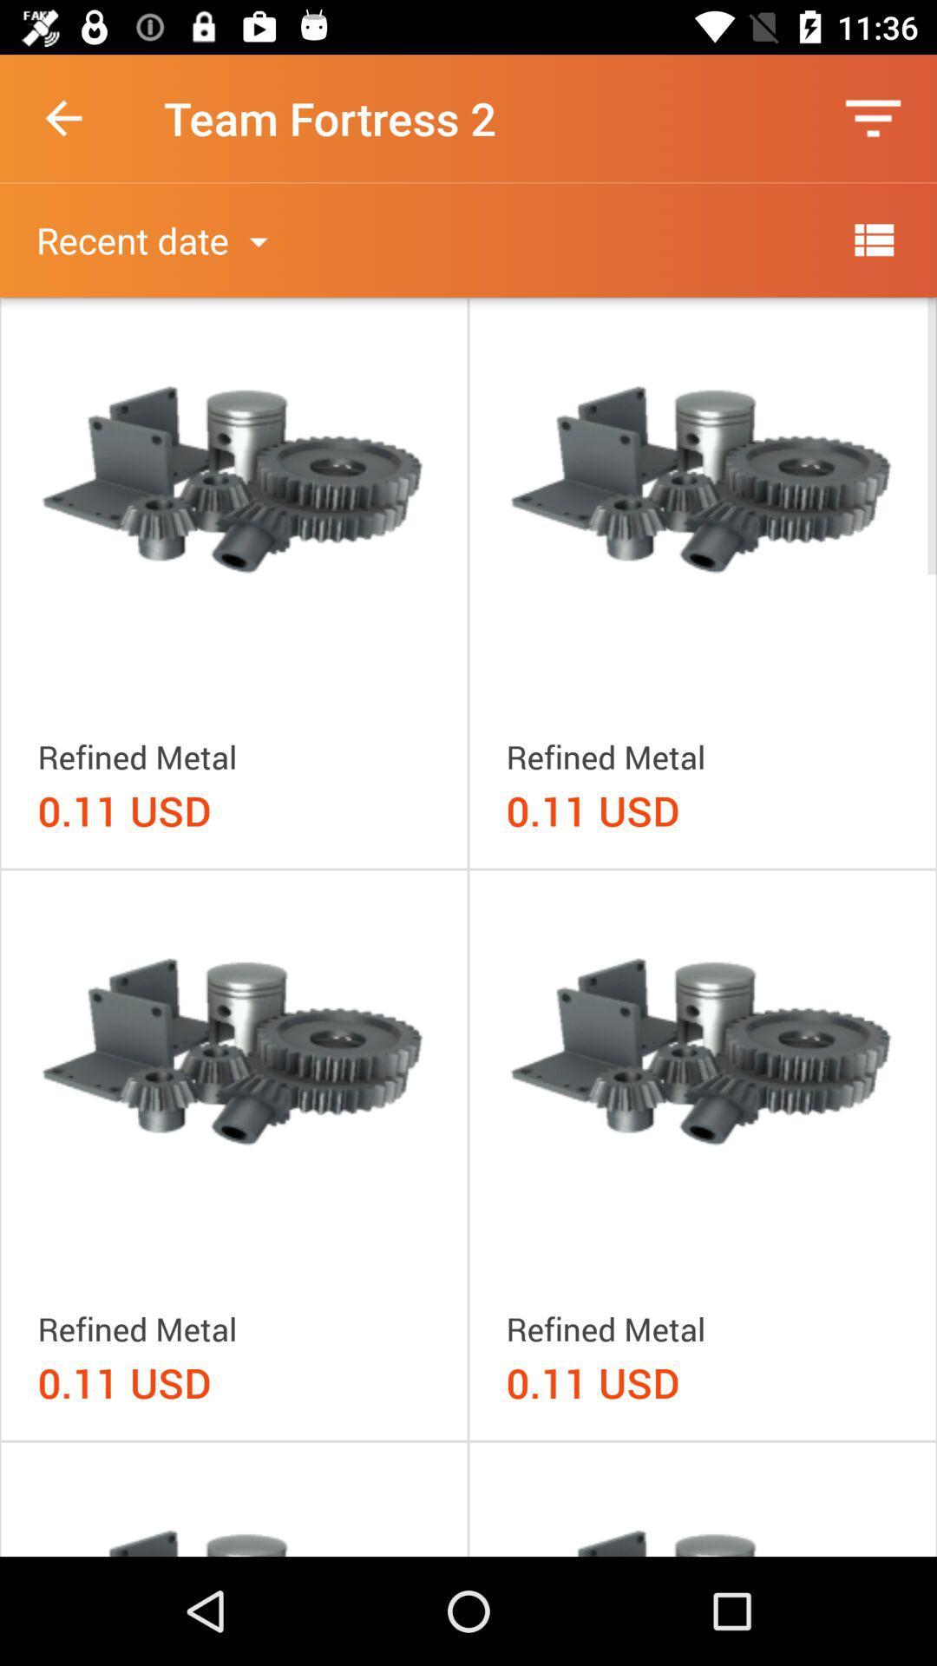  I want to click on the icon to the left of team fortress 2 item, so click(62, 117).